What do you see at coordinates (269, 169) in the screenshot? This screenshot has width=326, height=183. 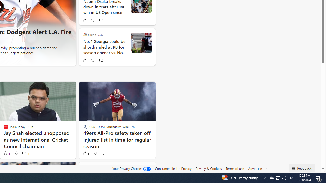 I see `'Class: oneFooter_seeMore-DS-EntryPoint1-1'` at bounding box center [269, 169].